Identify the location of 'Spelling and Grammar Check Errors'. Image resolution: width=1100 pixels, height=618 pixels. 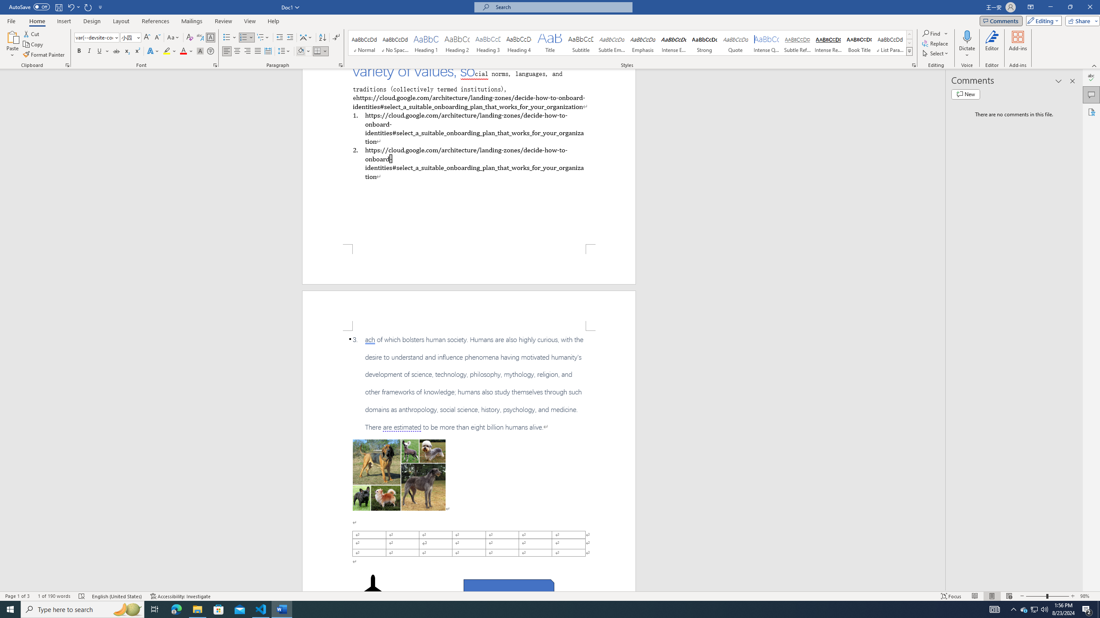
(81, 596).